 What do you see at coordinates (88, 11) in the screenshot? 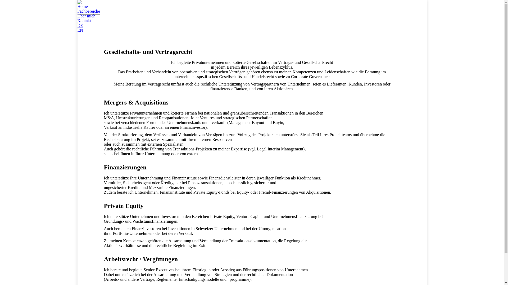
I see `'Fachbereiche'` at bounding box center [88, 11].